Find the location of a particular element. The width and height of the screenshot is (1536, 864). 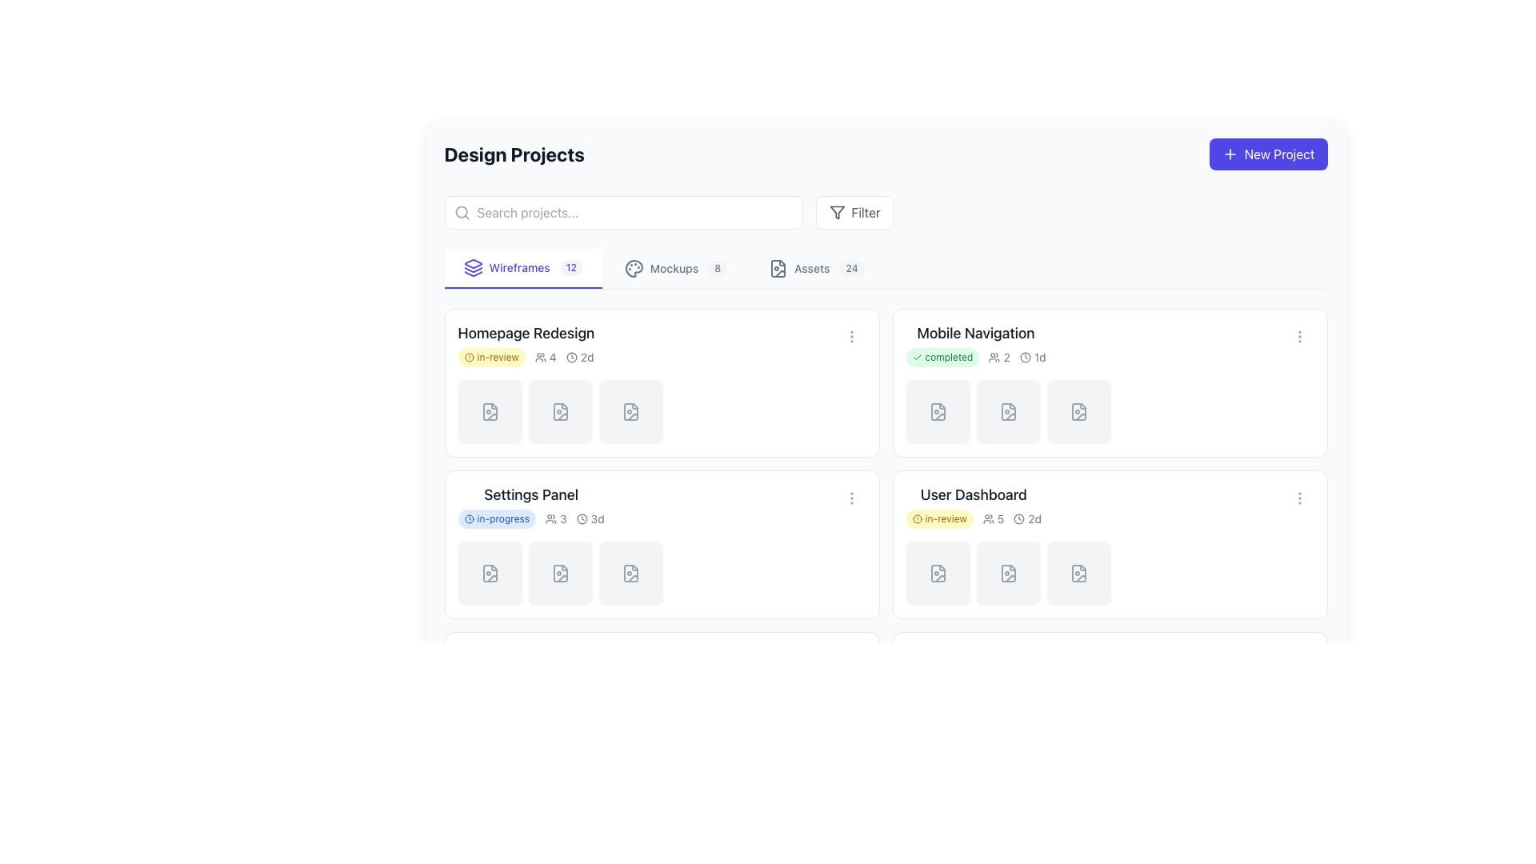

the graphical indicator element within the SVG-based clock icon located in the upper-right section of the 'Mobile Navigation' panel is located at coordinates (1025, 357).